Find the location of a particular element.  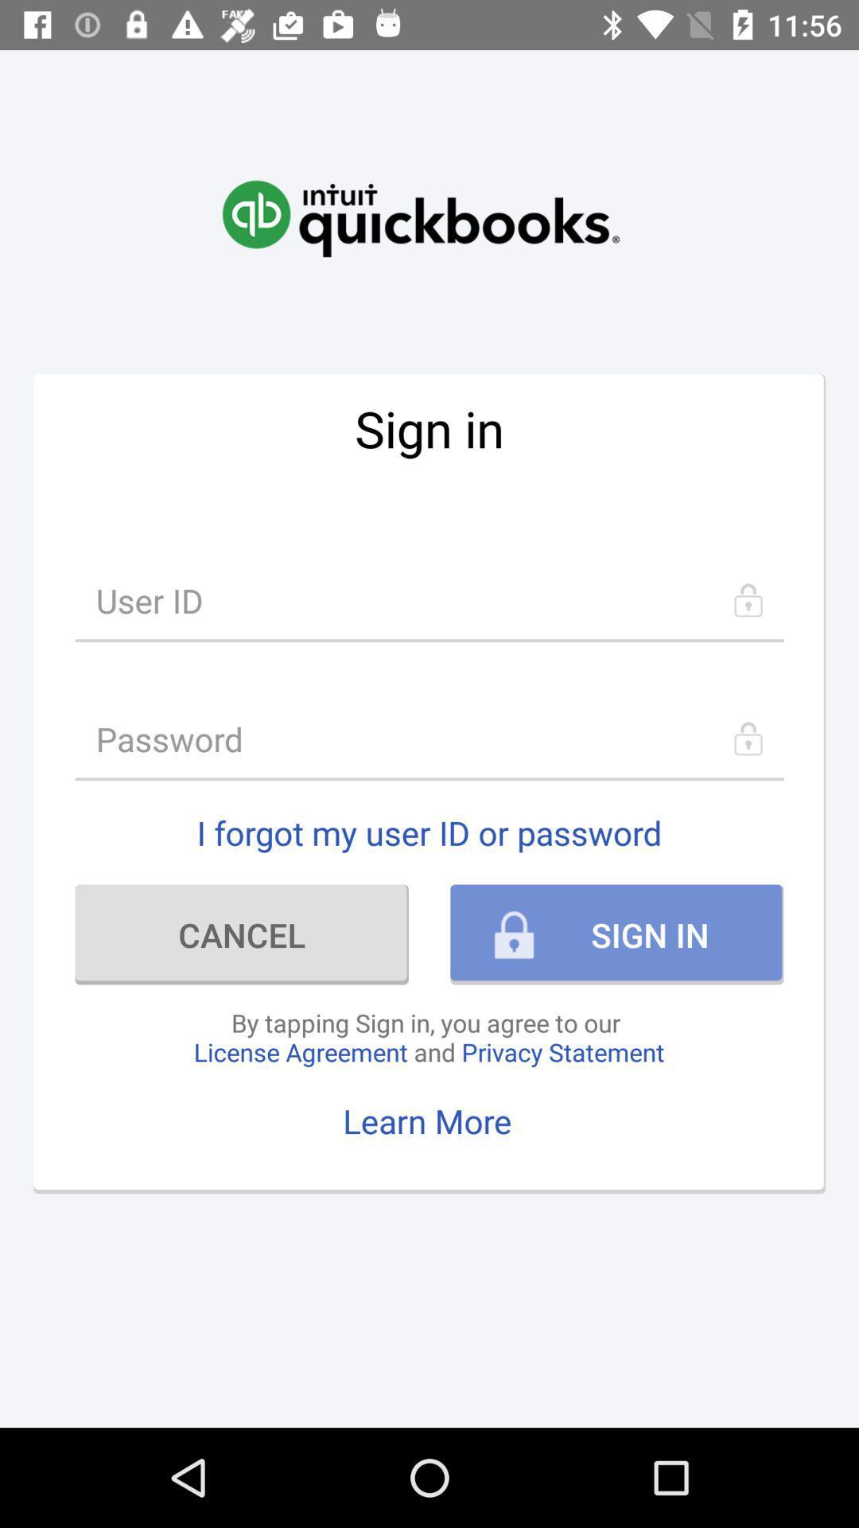

the item below the i forgot my is located at coordinates (242, 934).